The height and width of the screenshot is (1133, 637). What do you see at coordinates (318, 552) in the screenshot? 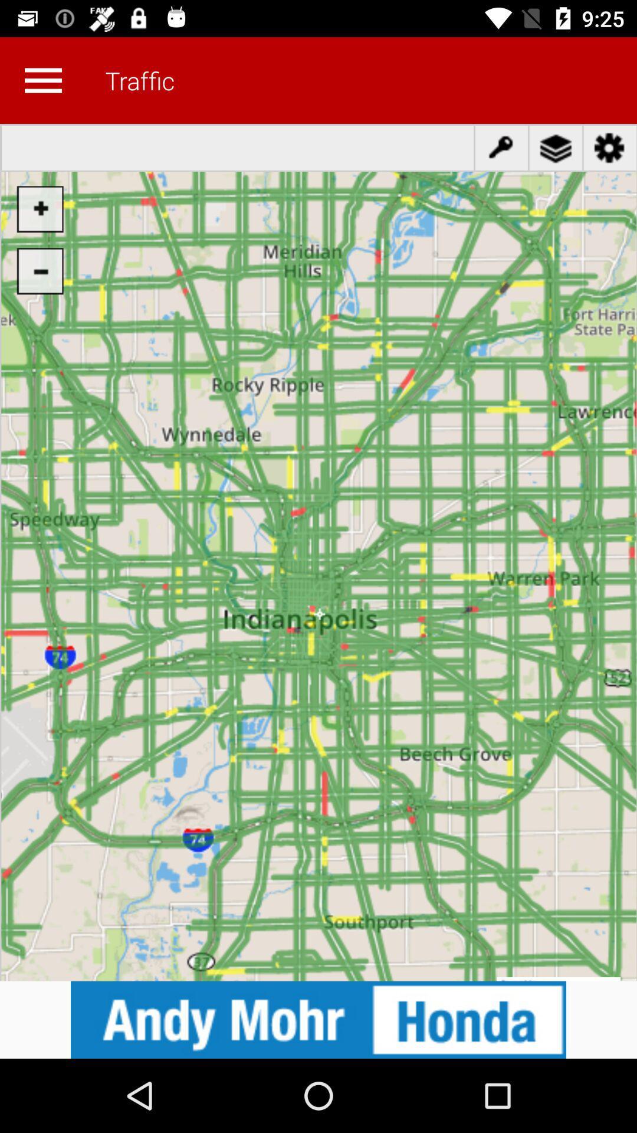
I see `the item at the center` at bounding box center [318, 552].